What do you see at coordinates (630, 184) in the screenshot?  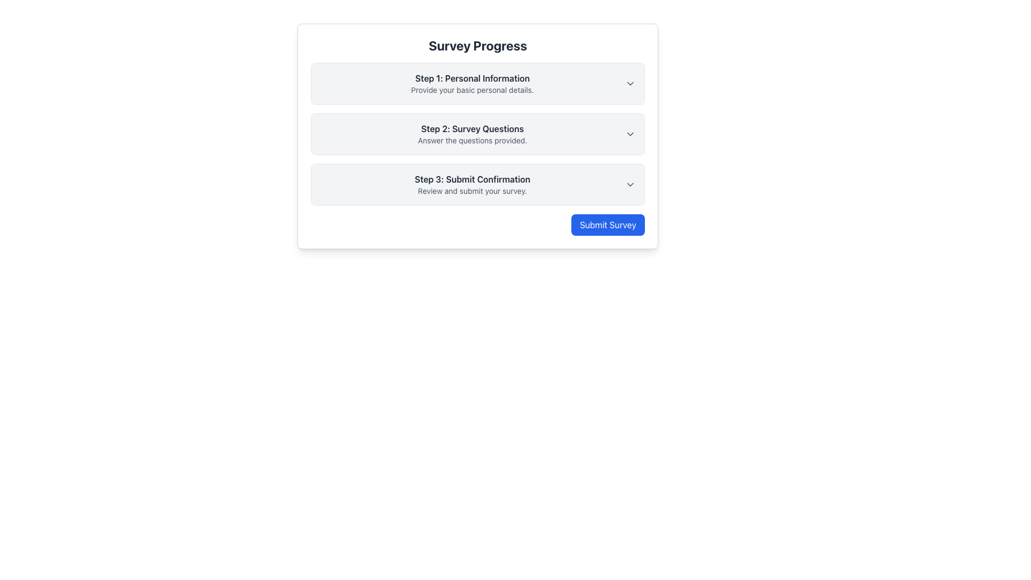 I see `the downward-pointing chevron icon styled with light gray color, located within the 'Step 3: Submit Confirmation' section` at bounding box center [630, 184].